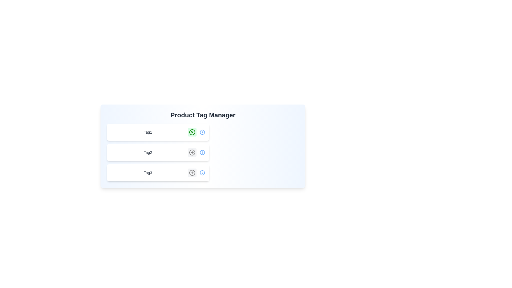 This screenshot has width=512, height=288. What do you see at coordinates (192, 132) in the screenshot?
I see `the tag Tag1` at bounding box center [192, 132].